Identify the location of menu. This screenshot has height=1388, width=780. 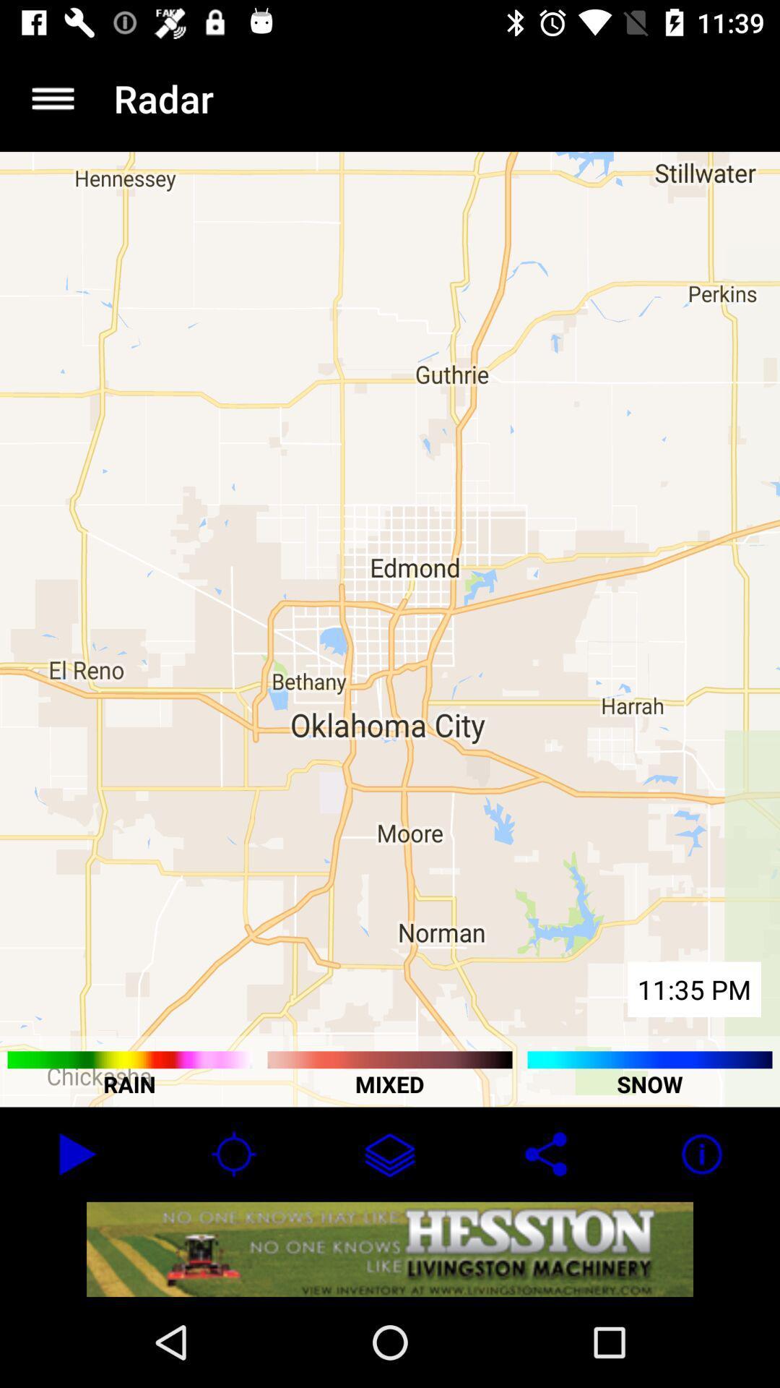
(52, 98).